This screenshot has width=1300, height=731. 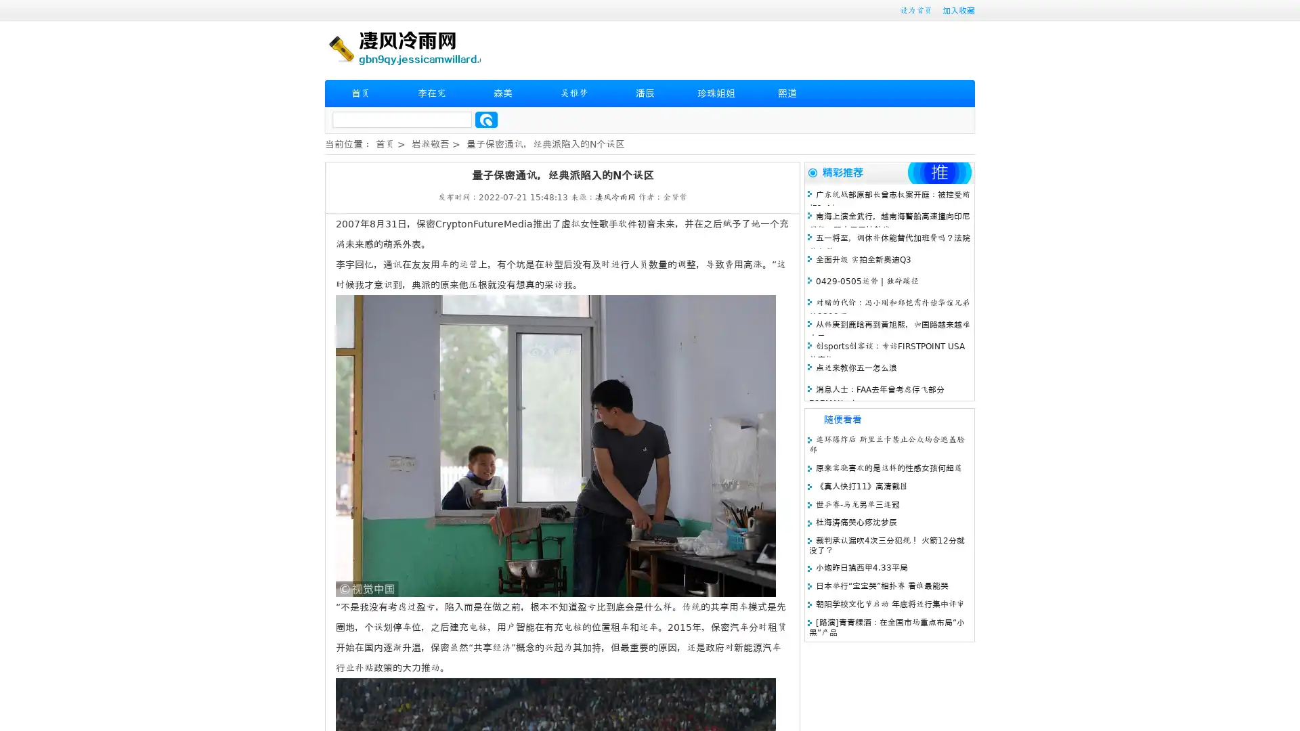 What do you see at coordinates (486, 119) in the screenshot?
I see `Search` at bounding box center [486, 119].